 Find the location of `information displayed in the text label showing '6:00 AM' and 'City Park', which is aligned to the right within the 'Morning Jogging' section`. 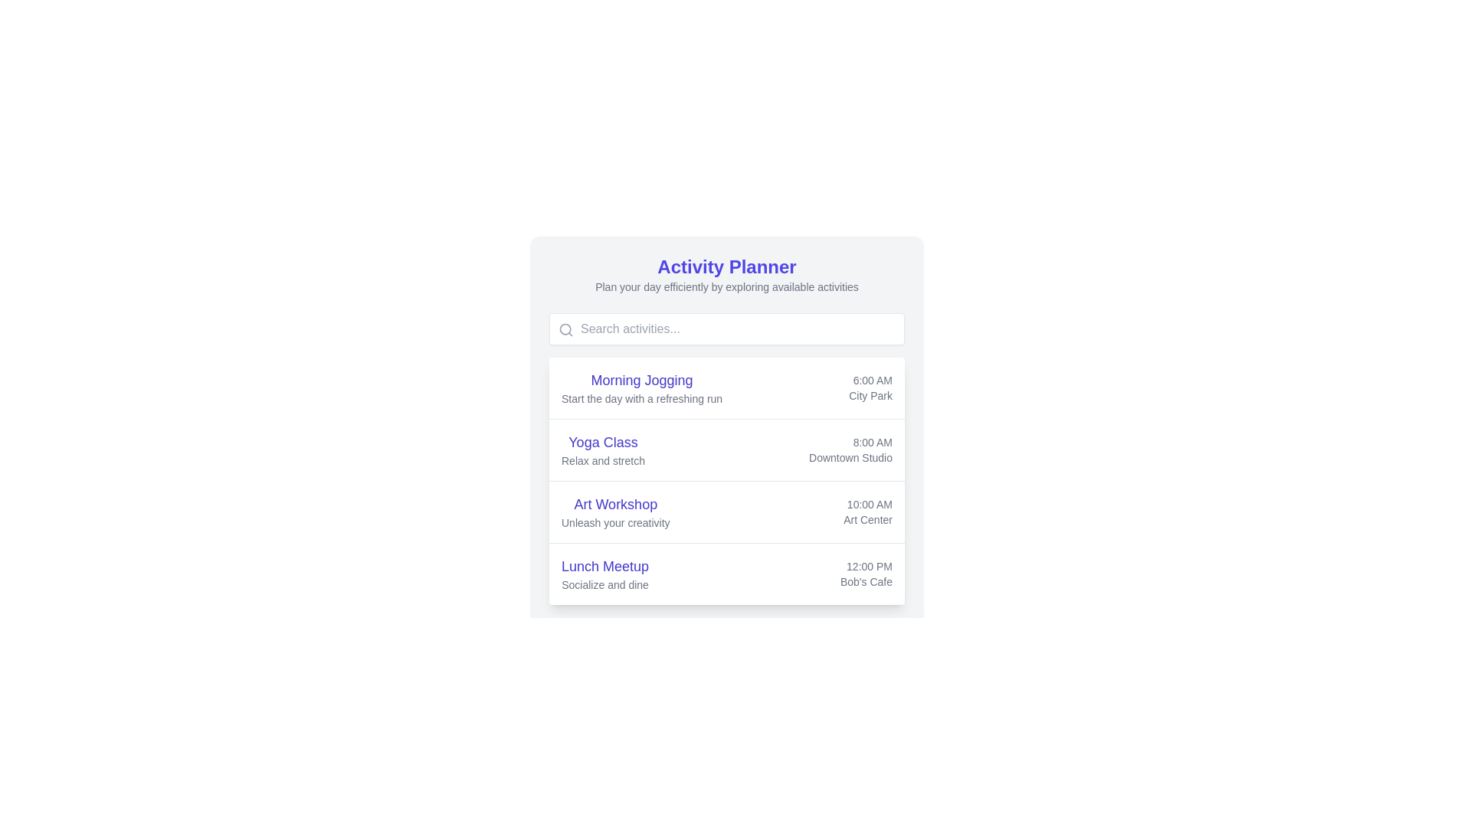

information displayed in the text label showing '6:00 AM' and 'City Park', which is aligned to the right within the 'Morning Jogging' section is located at coordinates (870, 387).